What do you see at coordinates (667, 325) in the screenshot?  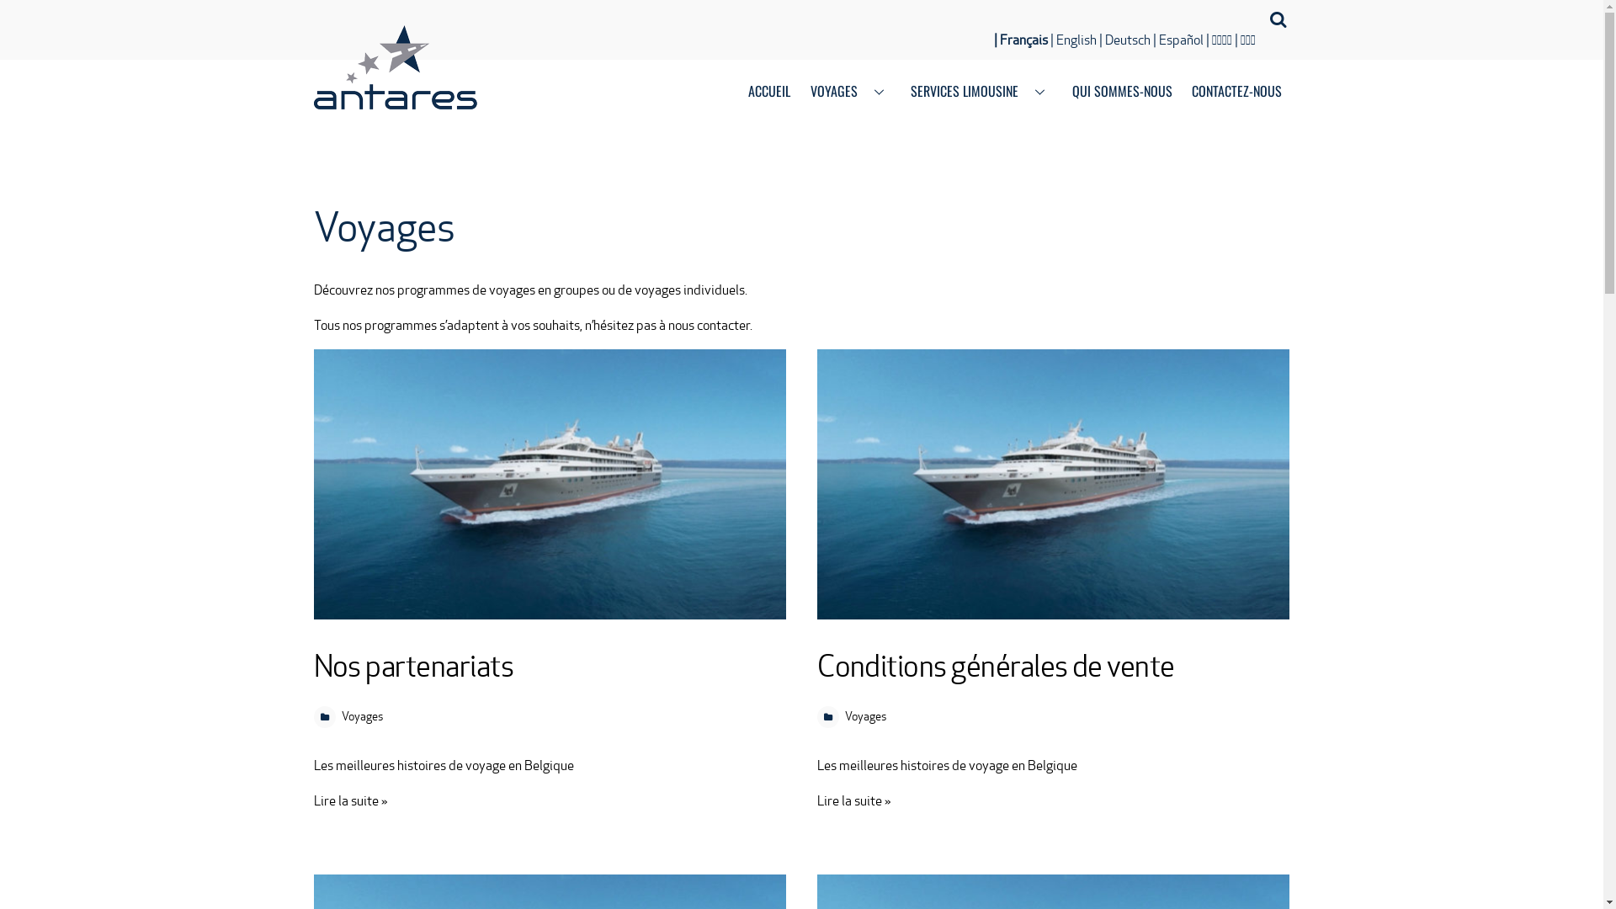 I see `'nous contacter'` at bounding box center [667, 325].